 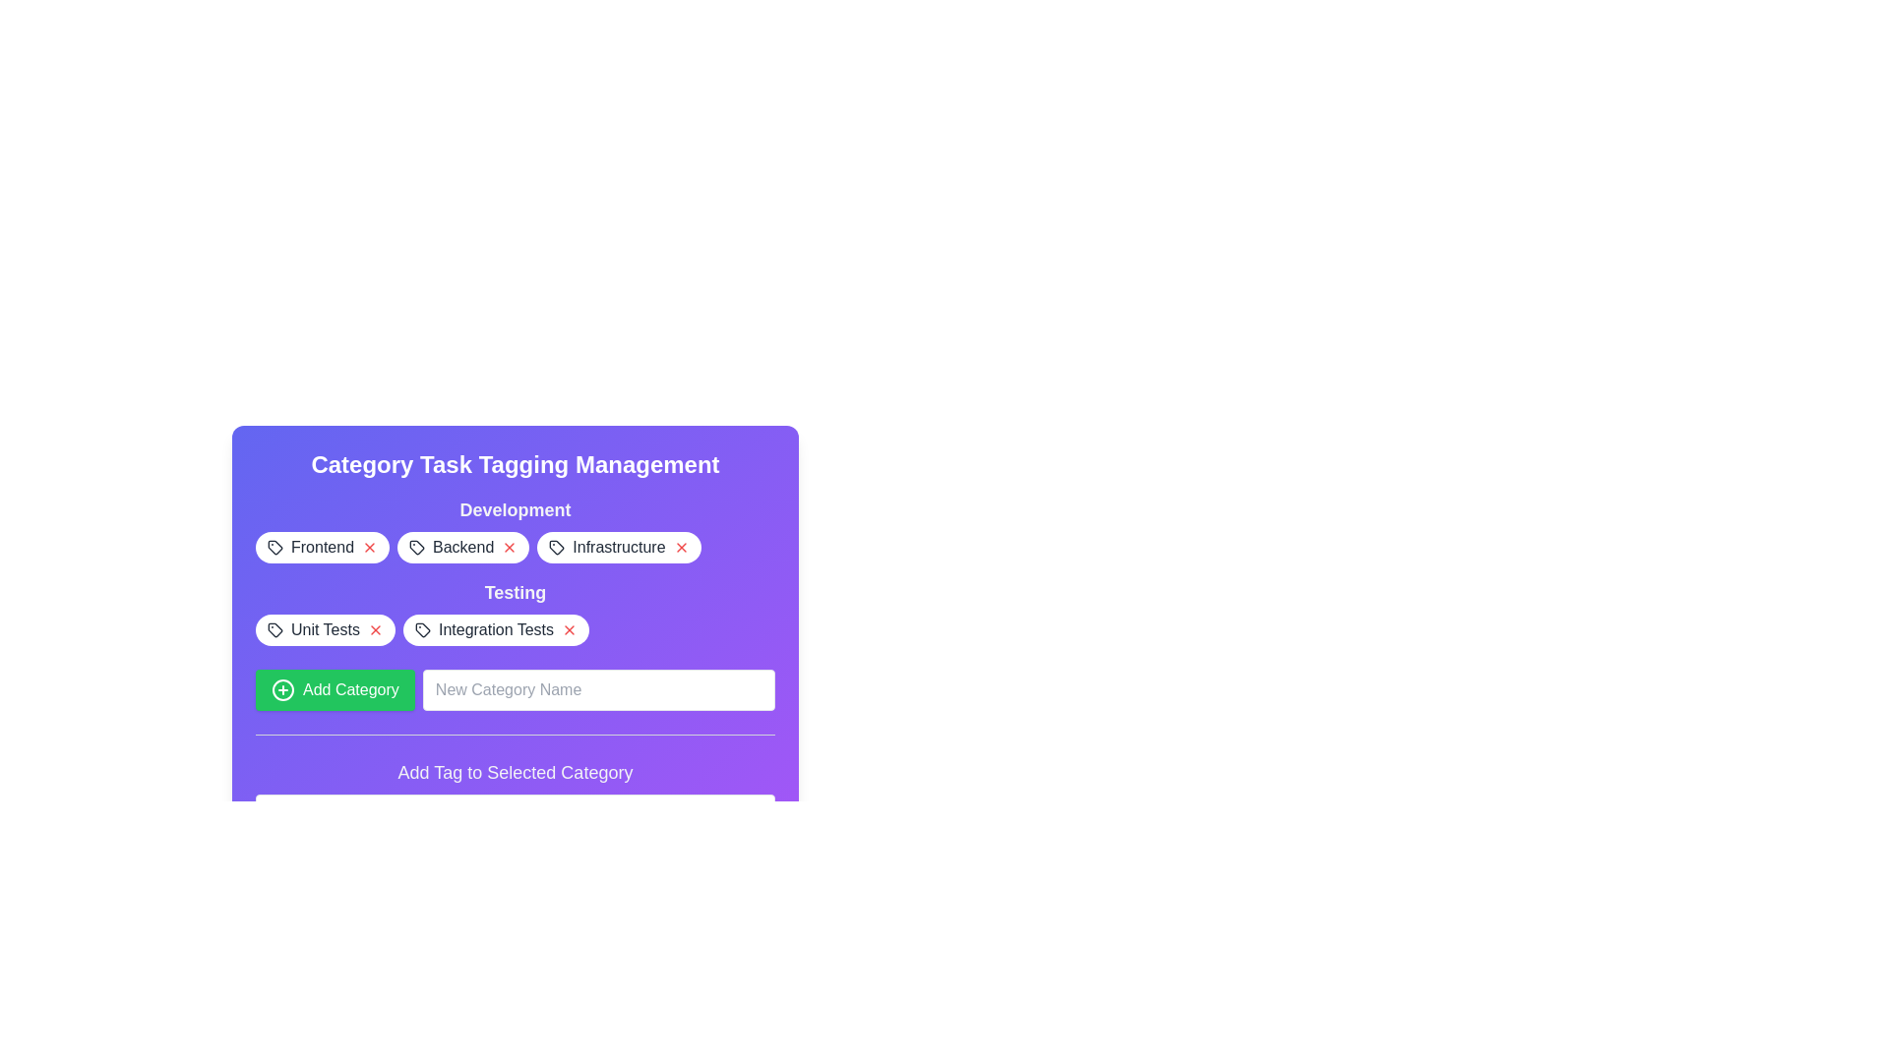 What do you see at coordinates (375, 629) in the screenshot?
I see `the small 'X' close/delete button located in the 'Testing' section next to the 'Unit Tests' tag` at bounding box center [375, 629].